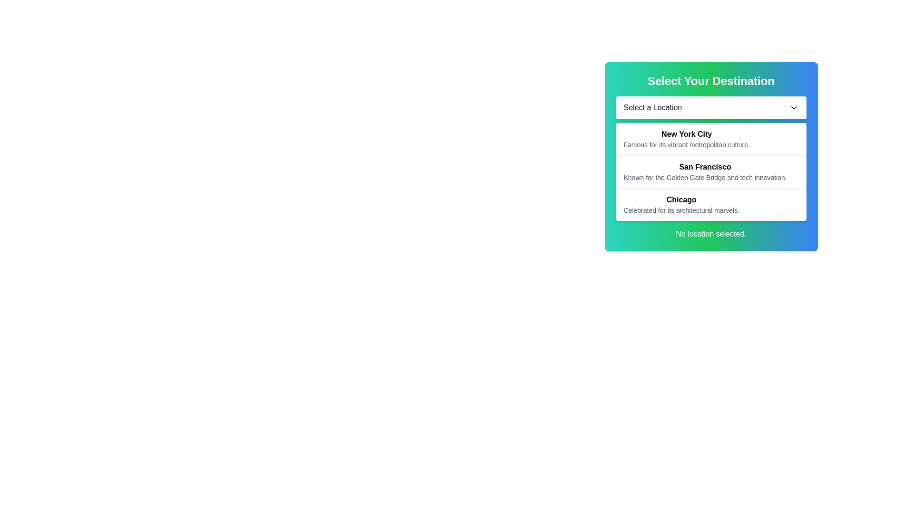 This screenshot has height=513, width=913. What do you see at coordinates (705, 166) in the screenshot?
I see `the text label indicating 'San Francisco', which is positioned below 'New York City' and above 'Chicago' in the list of location options` at bounding box center [705, 166].